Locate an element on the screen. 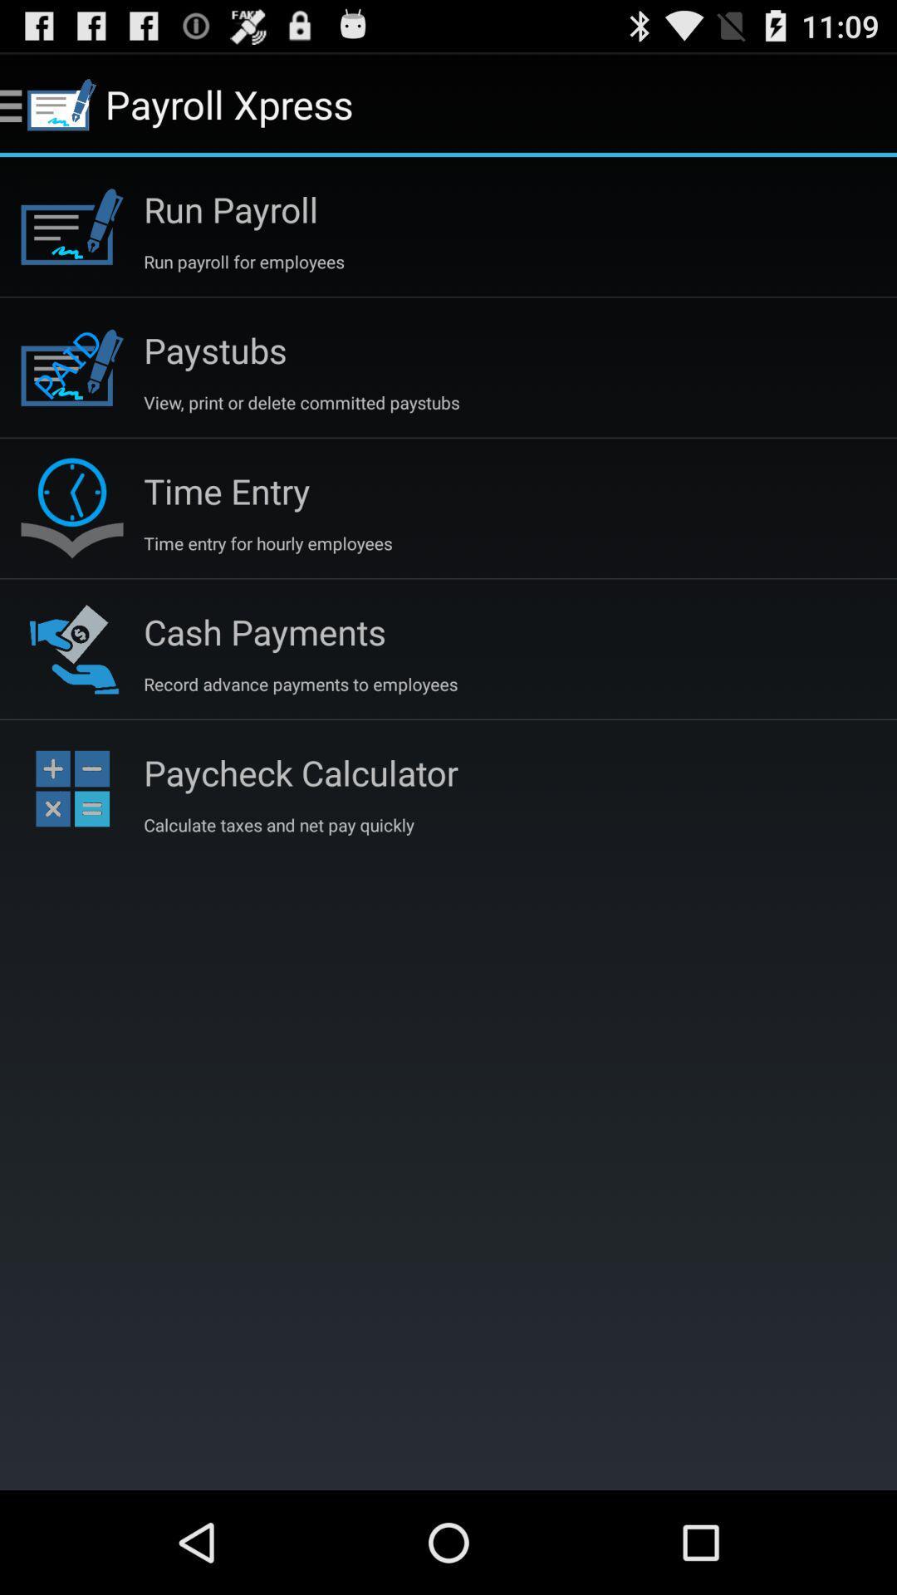  app below the paycheck calculator app is located at coordinates (277, 825).